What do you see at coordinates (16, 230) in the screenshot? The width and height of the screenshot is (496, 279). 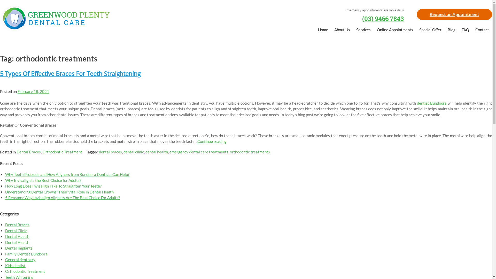 I see `'Dental Clinic'` at bounding box center [16, 230].